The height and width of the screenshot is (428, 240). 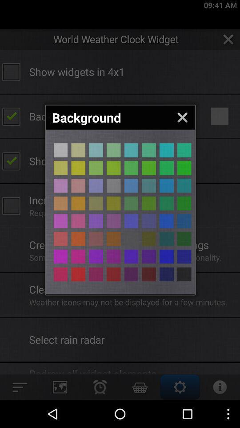 What do you see at coordinates (60, 167) in the screenshot?
I see `colour` at bounding box center [60, 167].